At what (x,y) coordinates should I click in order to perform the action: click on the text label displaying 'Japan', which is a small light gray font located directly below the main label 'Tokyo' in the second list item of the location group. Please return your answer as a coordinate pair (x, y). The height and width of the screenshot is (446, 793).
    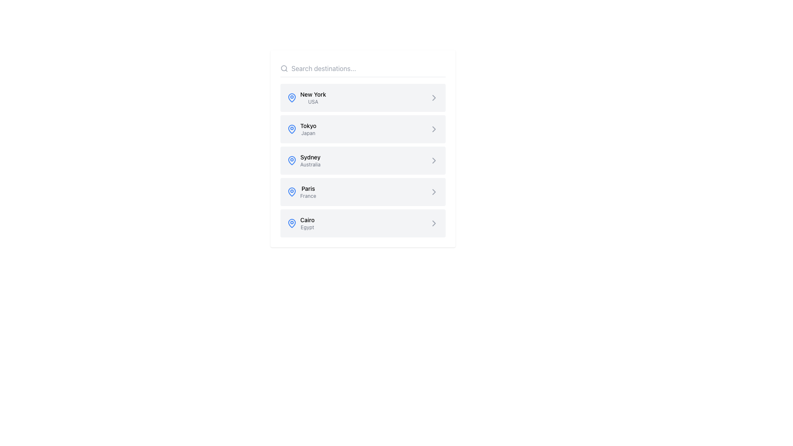
    Looking at the image, I should click on (308, 133).